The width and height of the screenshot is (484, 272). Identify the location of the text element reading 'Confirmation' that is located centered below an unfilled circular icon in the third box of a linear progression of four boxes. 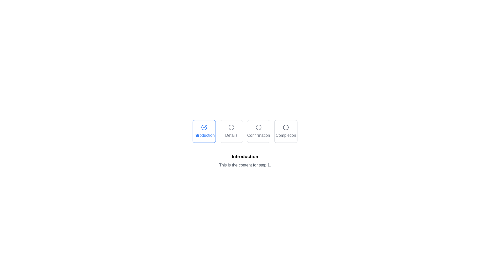
(258, 135).